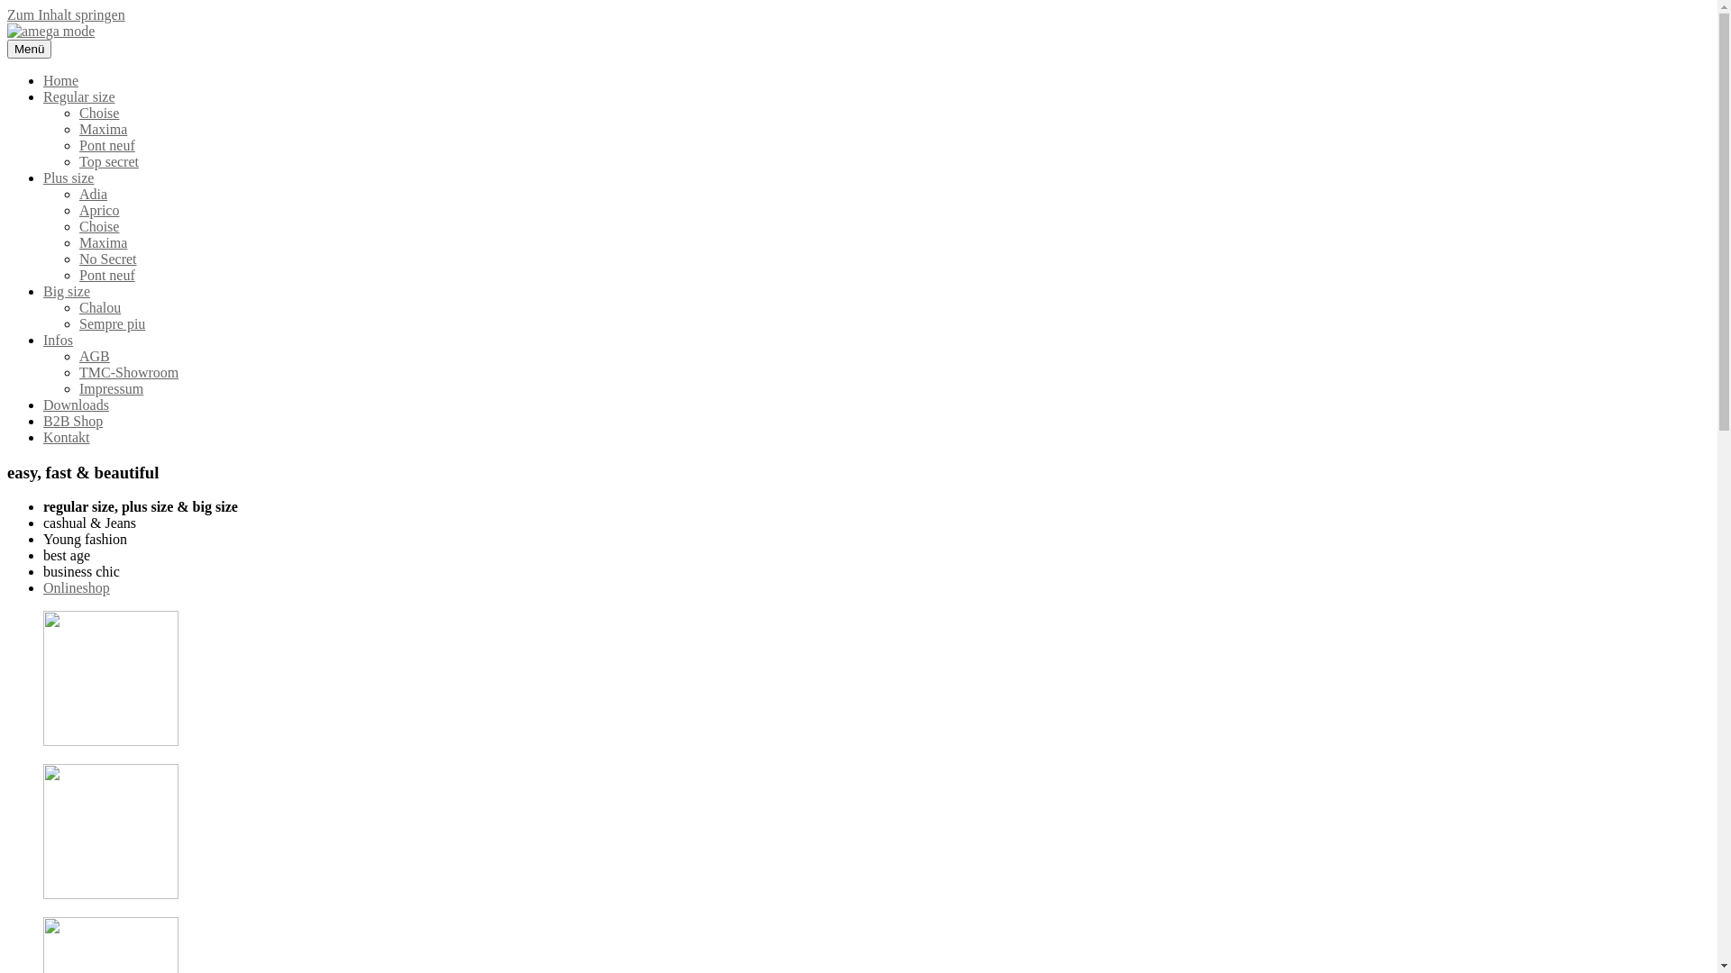 This screenshot has width=1731, height=973. Describe the element at coordinates (69, 177) in the screenshot. I see `'Plus size'` at that location.